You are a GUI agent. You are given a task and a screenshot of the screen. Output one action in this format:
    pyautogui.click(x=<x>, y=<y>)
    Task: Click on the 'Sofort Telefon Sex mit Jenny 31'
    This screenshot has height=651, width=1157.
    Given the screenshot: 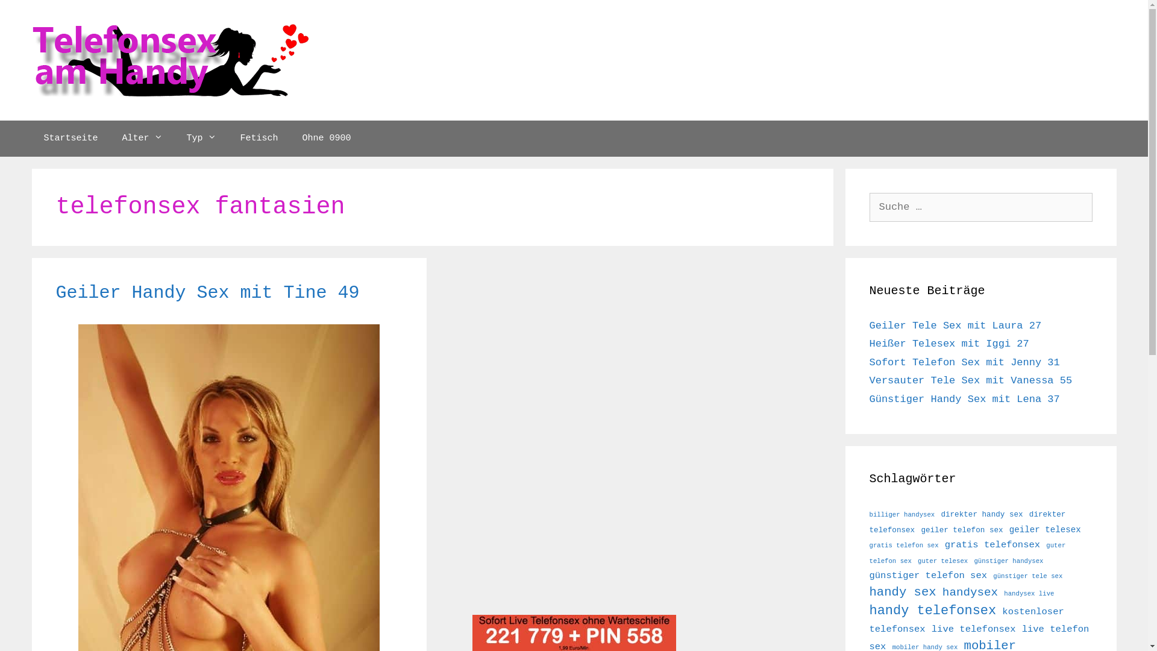 What is the action you would take?
    pyautogui.click(x=963, y=362)
    